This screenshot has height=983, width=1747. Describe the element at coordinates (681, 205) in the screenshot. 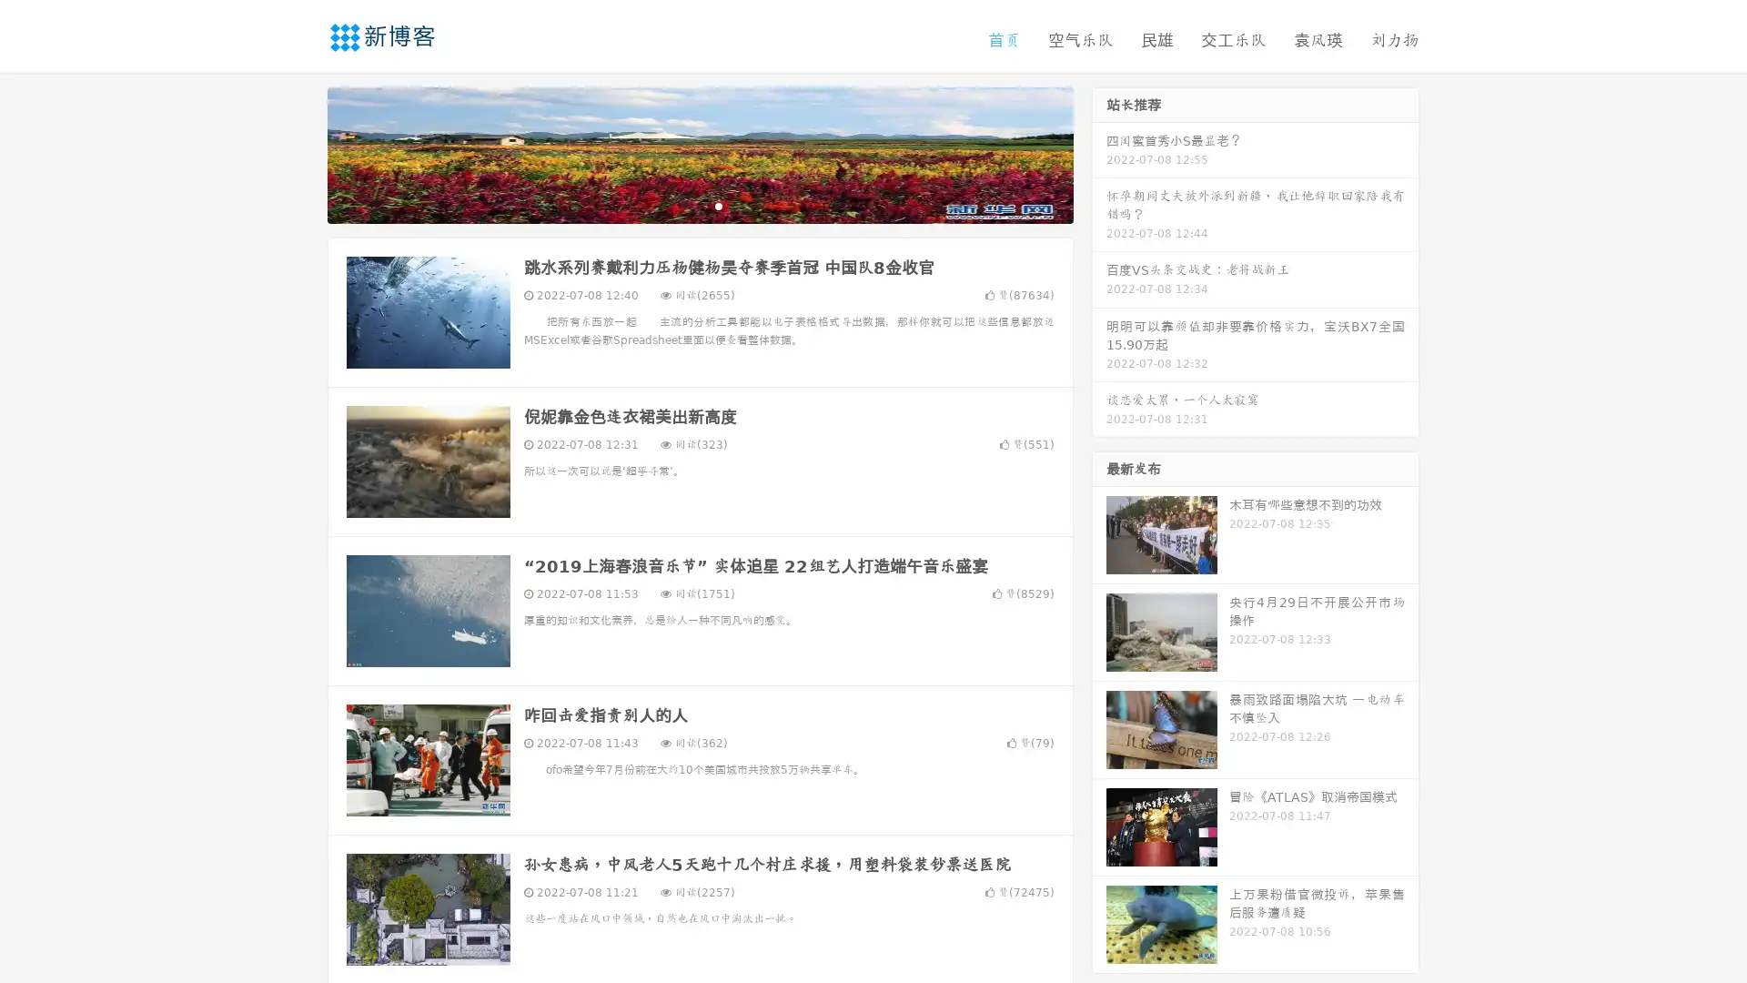

I see `Go to slide 1` at that location.